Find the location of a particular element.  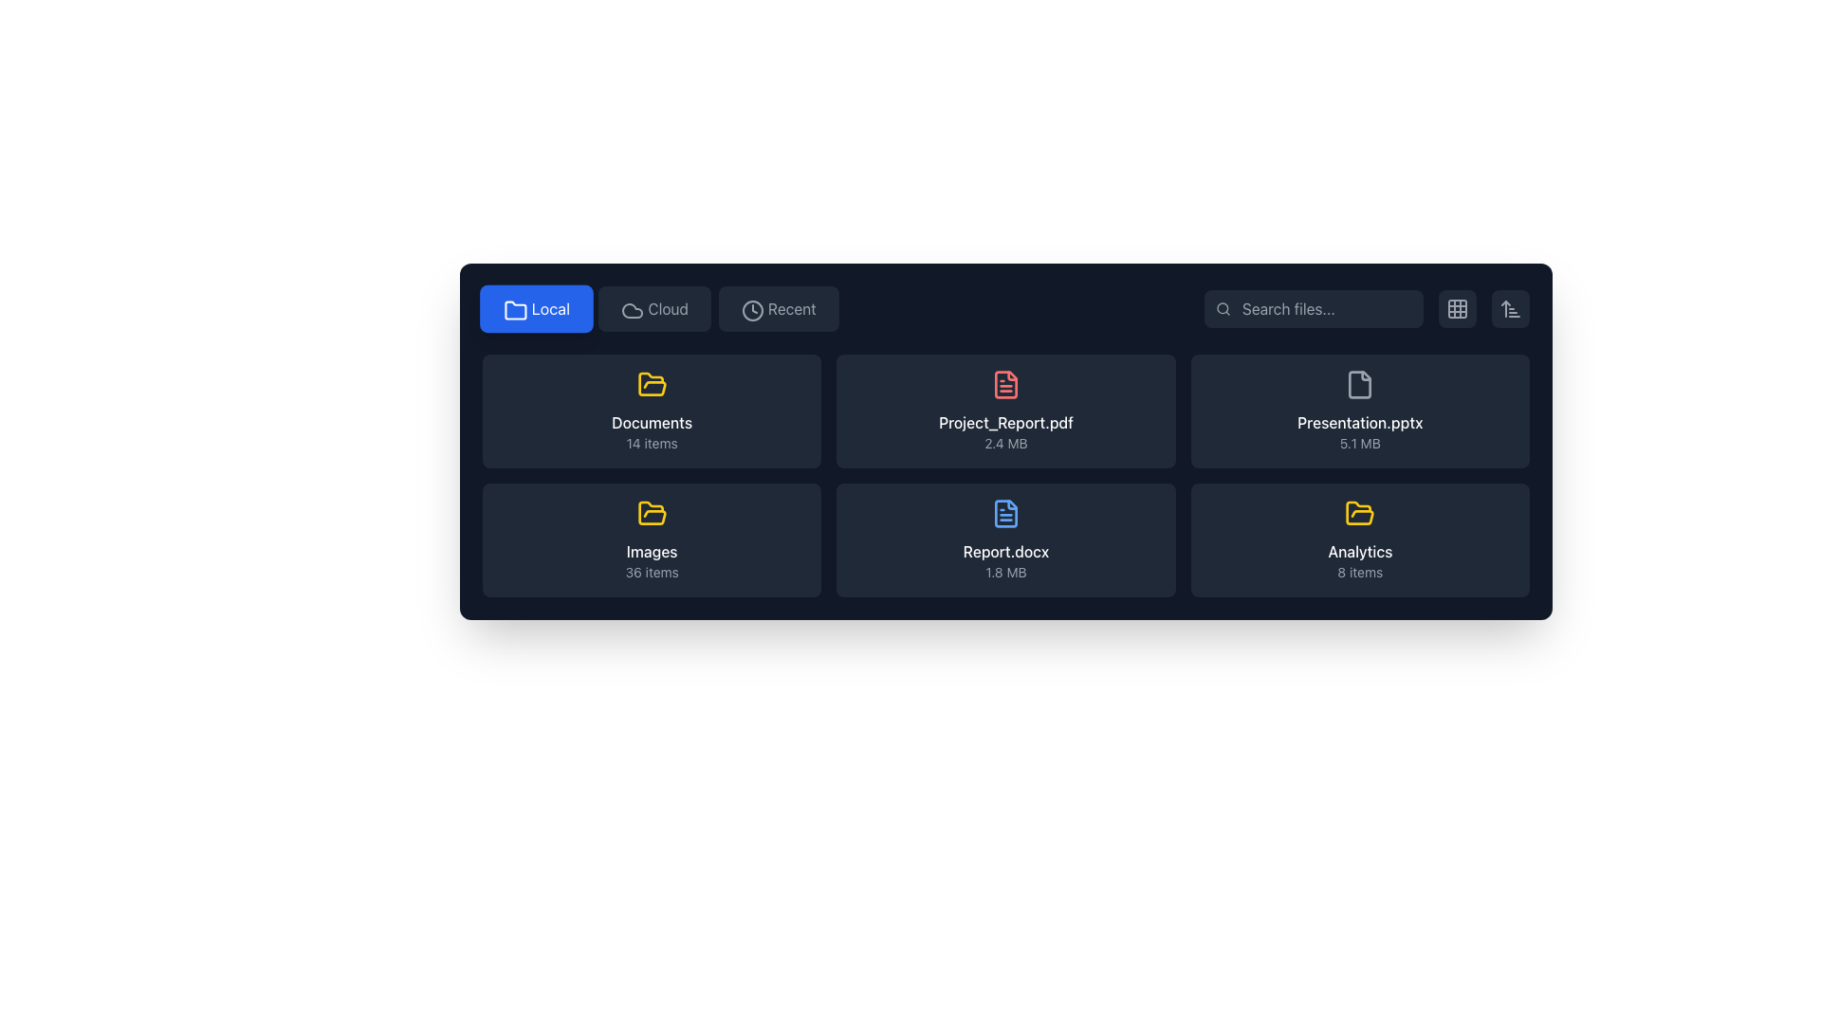

the folder icon representing the 'Images' section located is located at coordinates (652, 514).